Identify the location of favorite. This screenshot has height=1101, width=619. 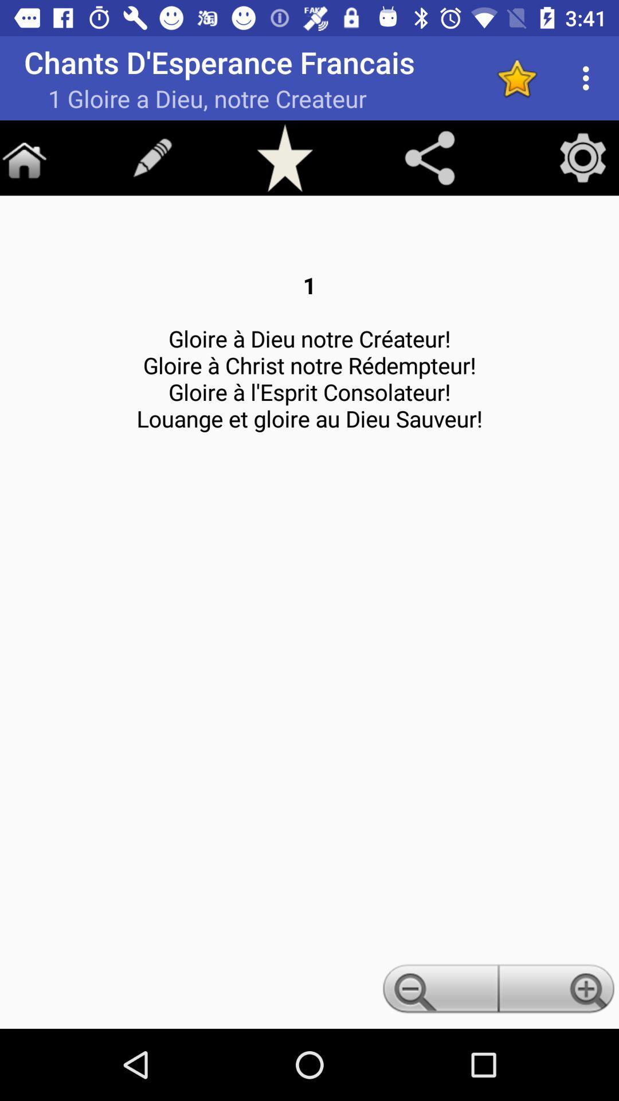
(284, 157).